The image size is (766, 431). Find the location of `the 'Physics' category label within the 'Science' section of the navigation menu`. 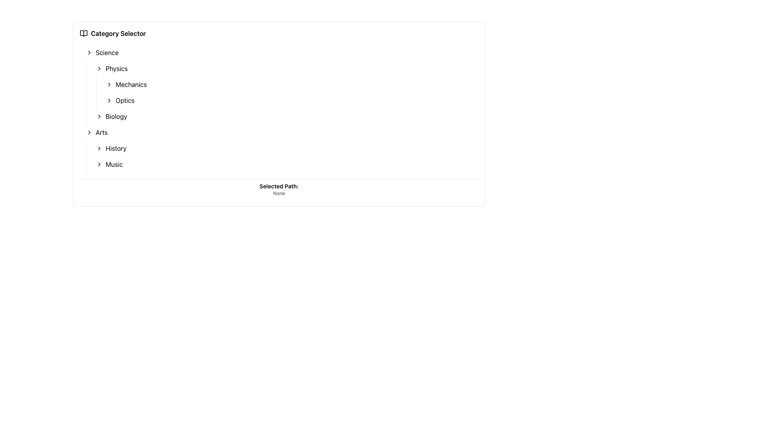

the 'Physics' category label within the 'Science' section of the navigation menu is located at coordinates (116, 68).